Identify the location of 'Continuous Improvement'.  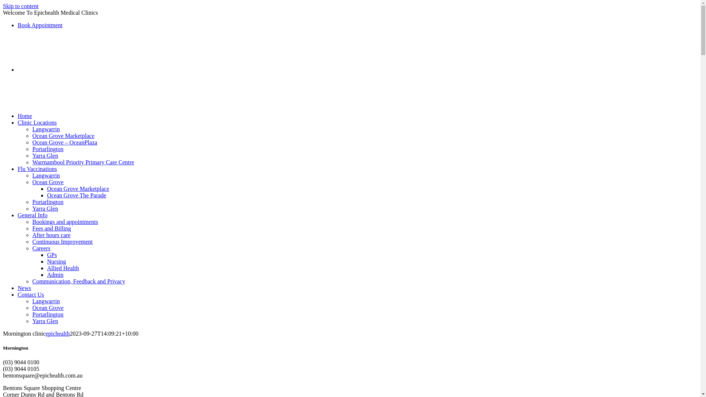
(62, 242).